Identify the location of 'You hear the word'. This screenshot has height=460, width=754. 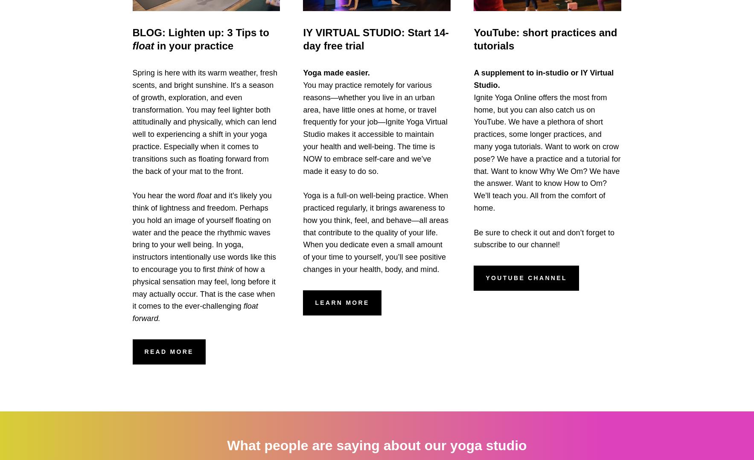
(164, 195).